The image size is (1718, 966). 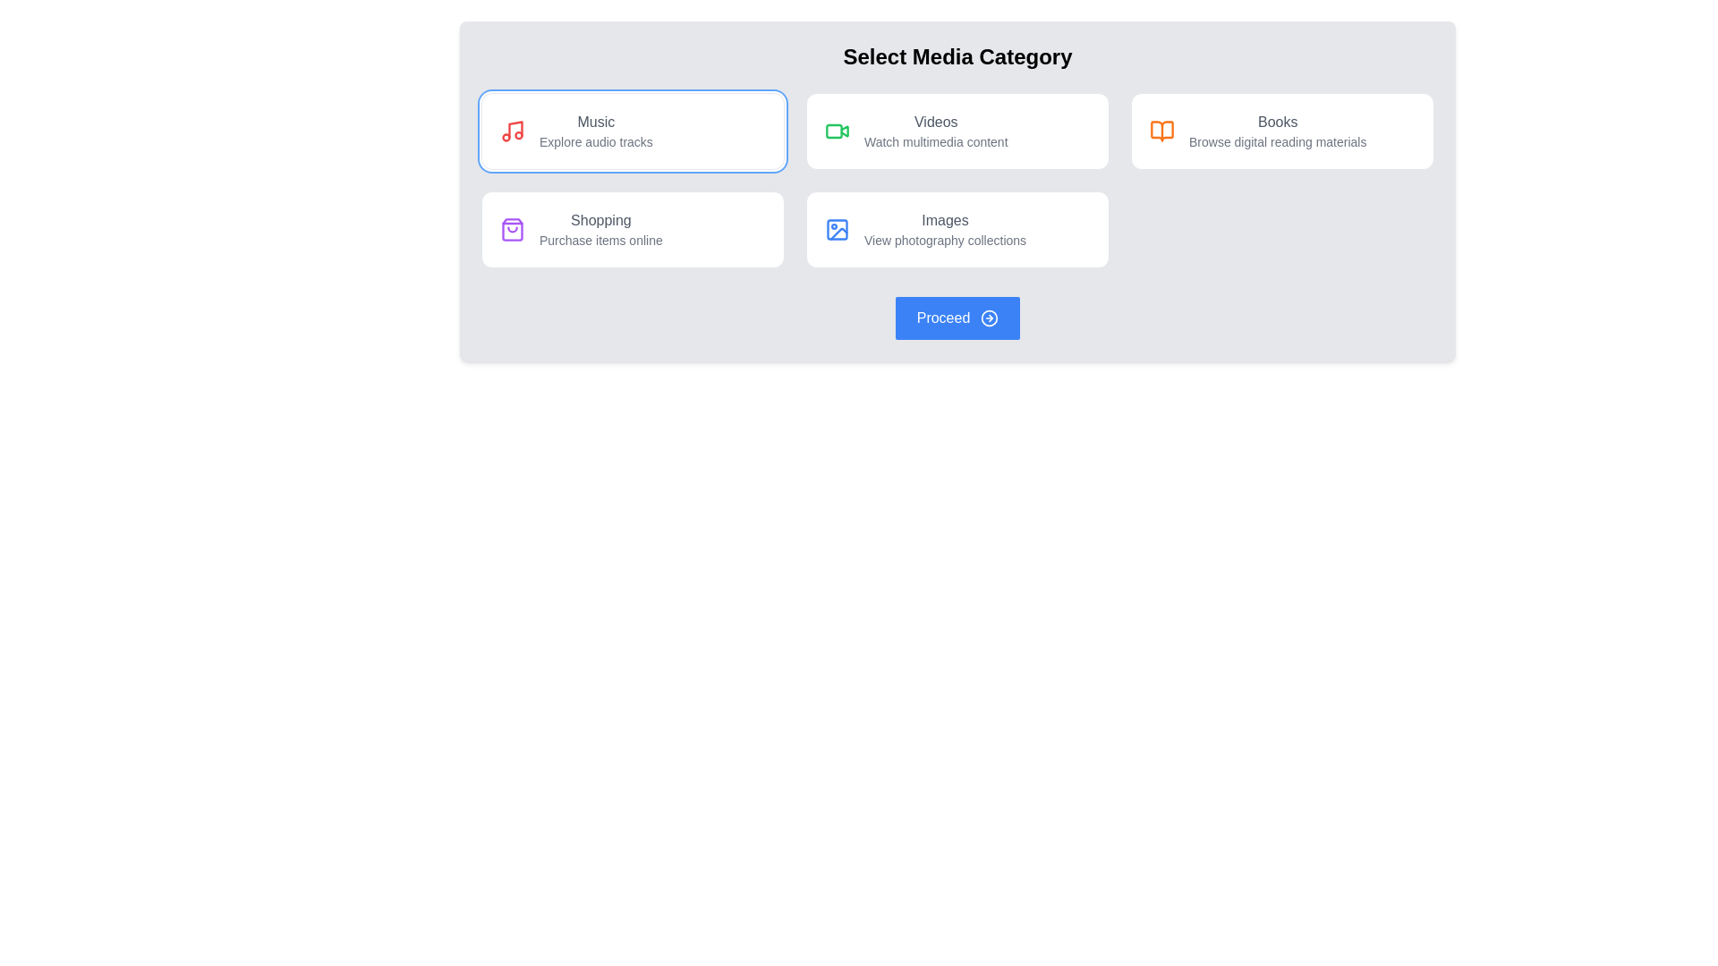 What do you see at coordinates (511, 227) in the screenshot?
I see `the shopping icon located centrally within the 'Shopping' button area, which represents shopping-related functionalities in the interface` at bounding box center [511, 227].